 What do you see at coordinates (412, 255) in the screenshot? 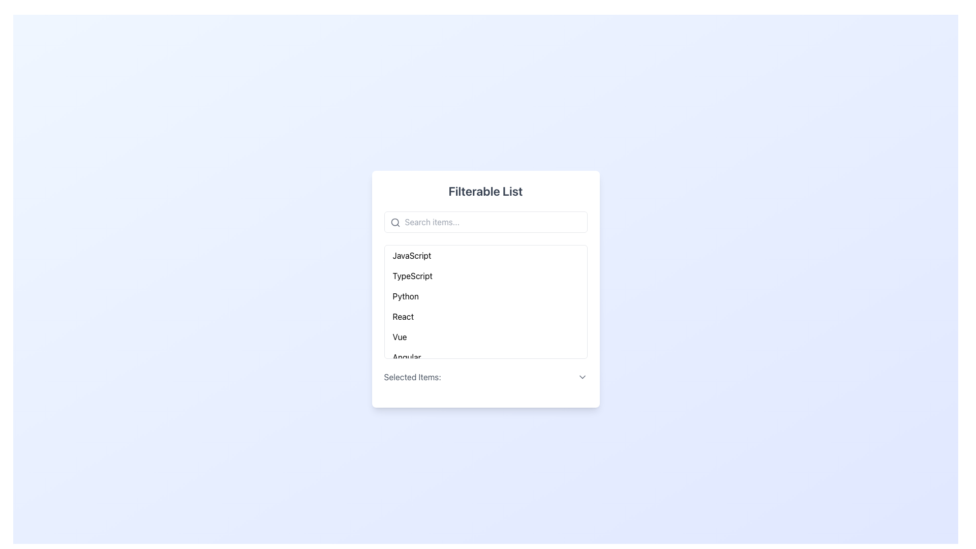
I see `the first selectable item in the 'Filterable List'` at bounding box center [412, 255].